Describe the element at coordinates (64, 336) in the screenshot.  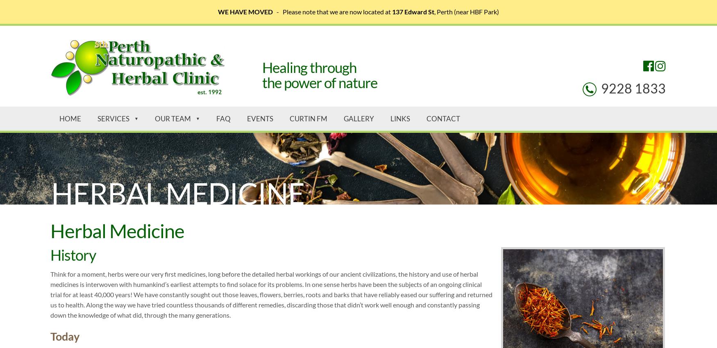
I see `'Today'` at that location.